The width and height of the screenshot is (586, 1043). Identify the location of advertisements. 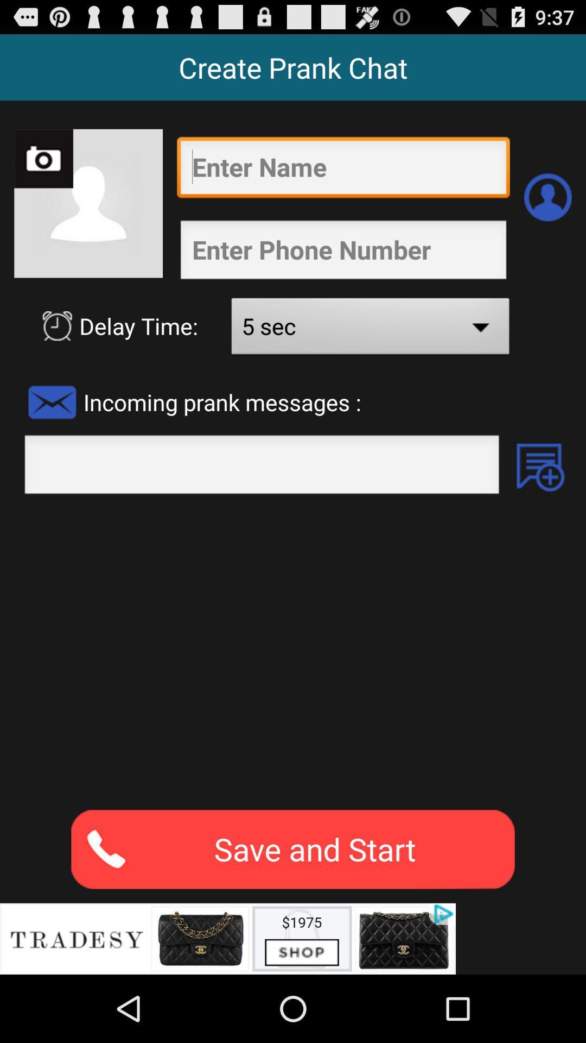
(227, 938).